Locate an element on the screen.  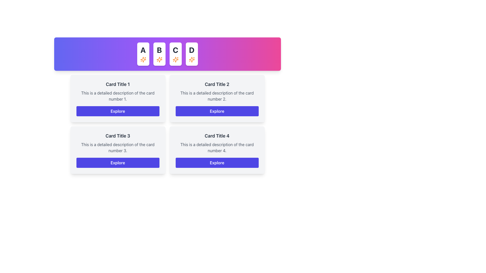
the descriptive text element that provides additional information for 'Card Title 2' located in the second column of the top row of the card grid is located at coordinates (217, 96).